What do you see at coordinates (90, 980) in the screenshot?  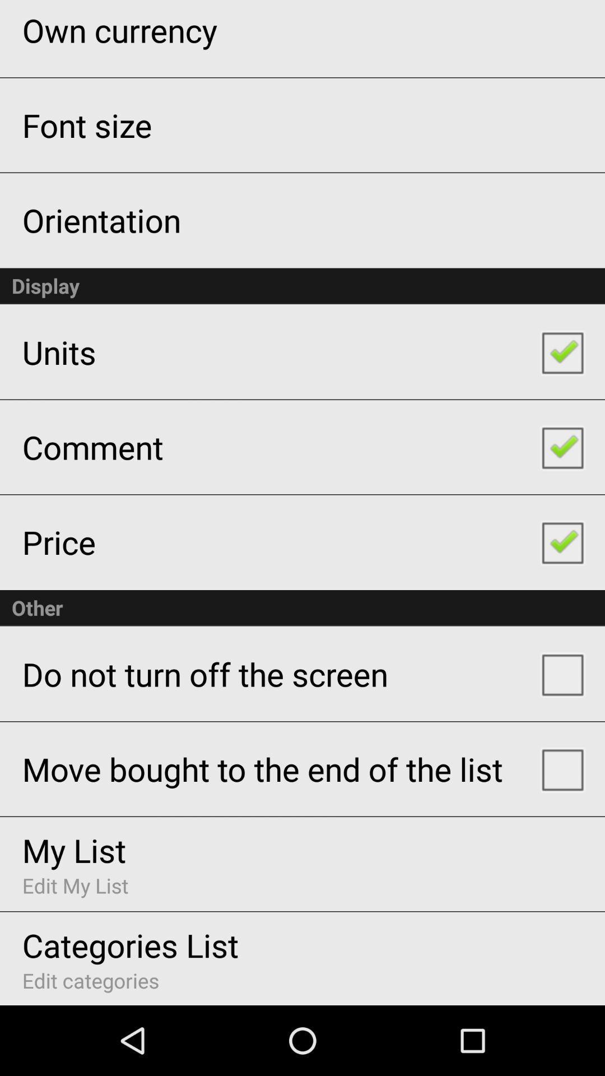 I see `the edit categories` at bounding box center [90, 980].